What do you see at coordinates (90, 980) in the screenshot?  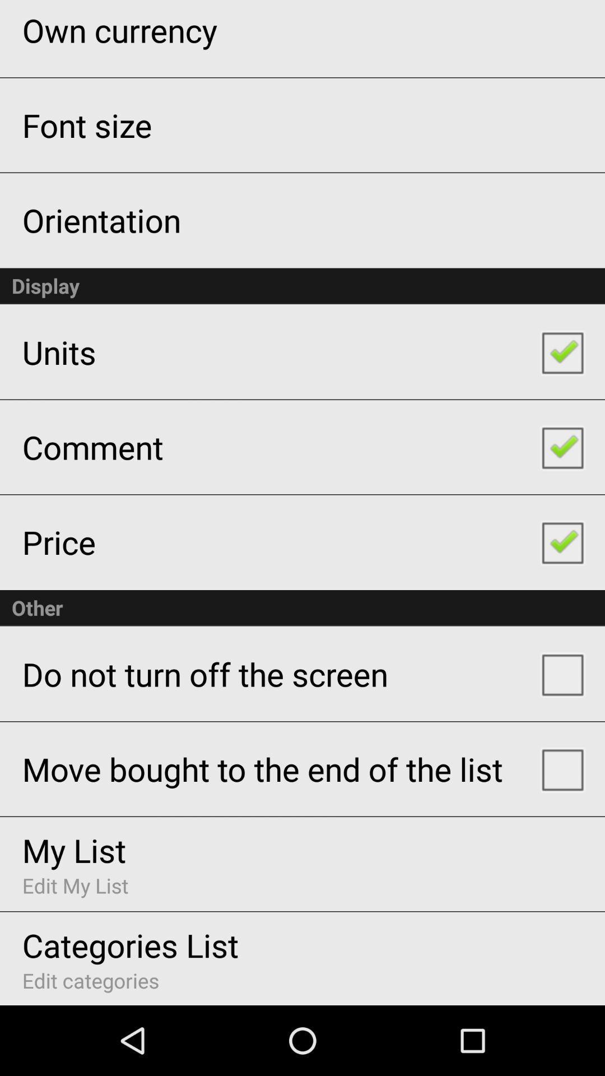 I see `the edit categories` at bounding box center [90, 980].